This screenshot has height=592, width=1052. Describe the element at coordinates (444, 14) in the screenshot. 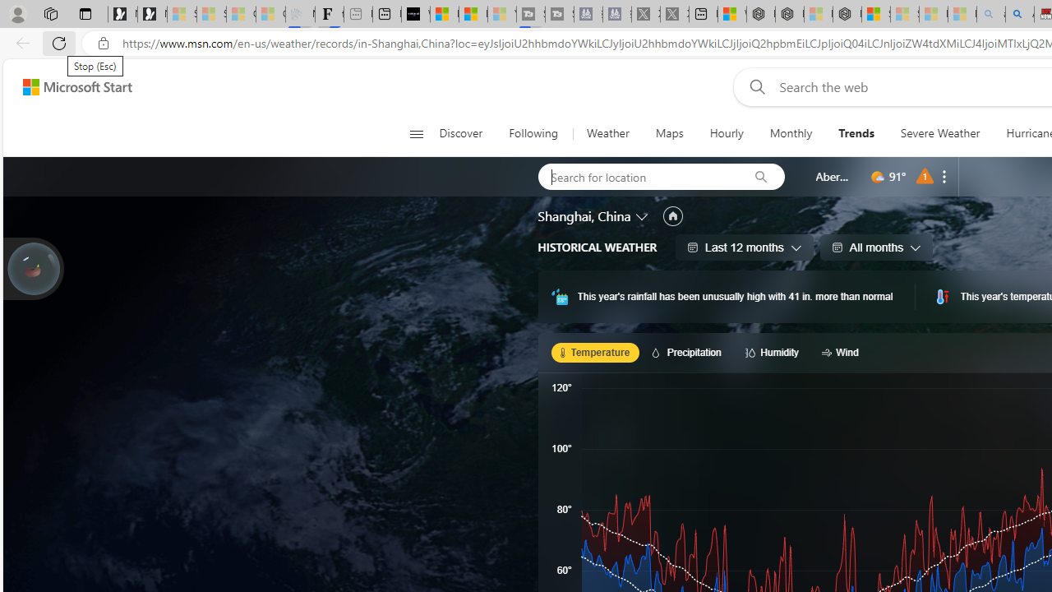

I see `'Microsoft Start Sports'` at that location.